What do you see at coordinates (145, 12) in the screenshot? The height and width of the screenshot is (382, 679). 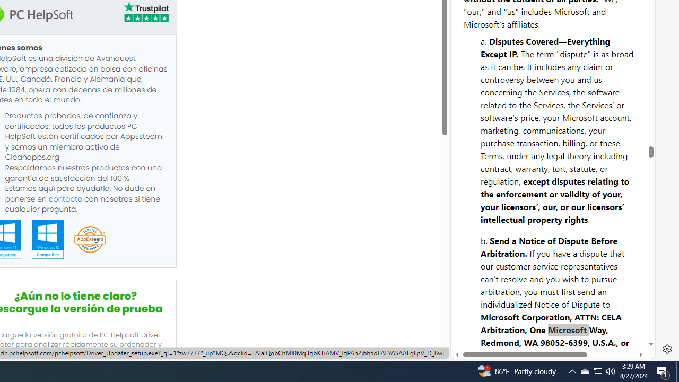 I see `'TrustPilot'` at bounding box center [145, 12].